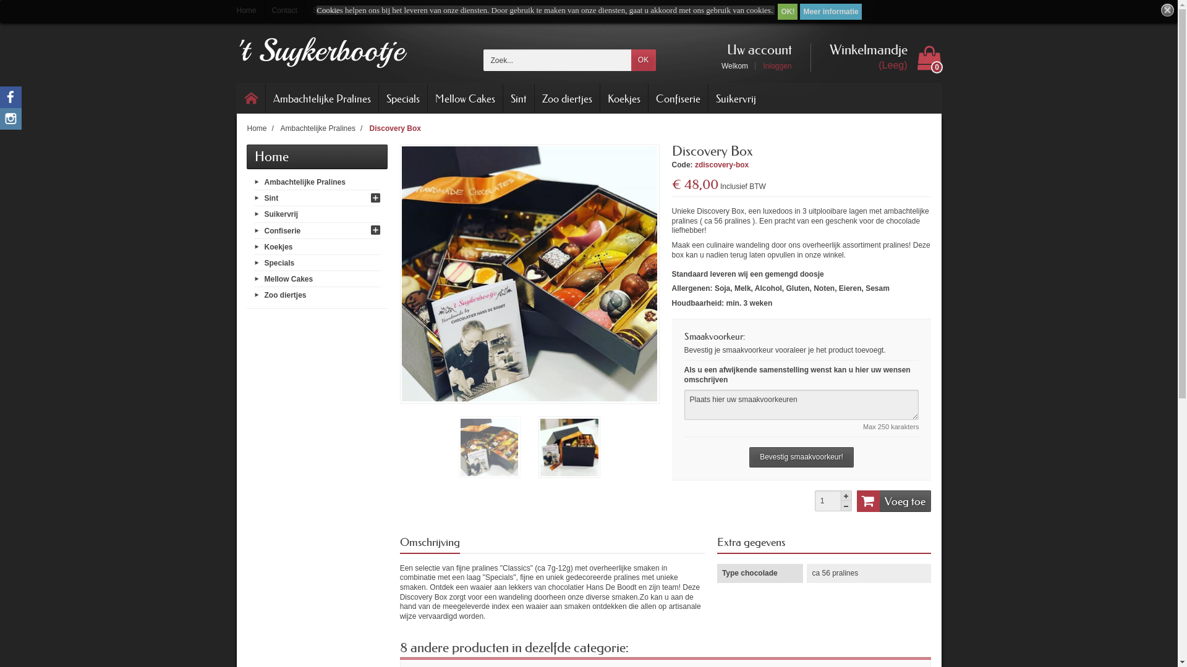  I want to click on 'Winkelmandje, so click(875, 57).